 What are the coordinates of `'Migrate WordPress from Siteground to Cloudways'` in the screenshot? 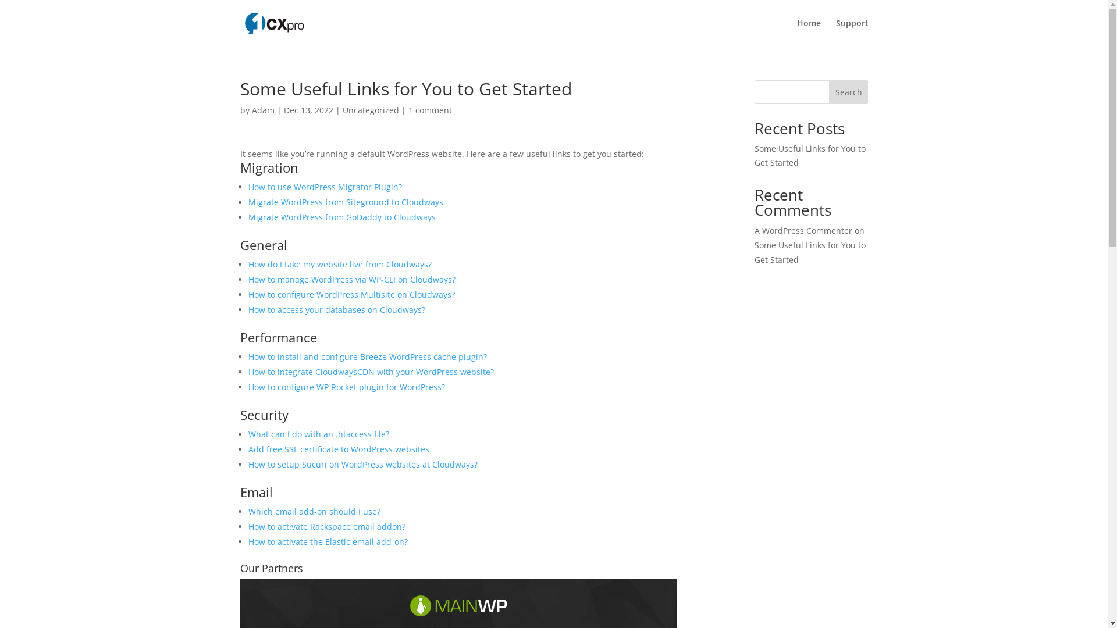 It's located at (344, 201).